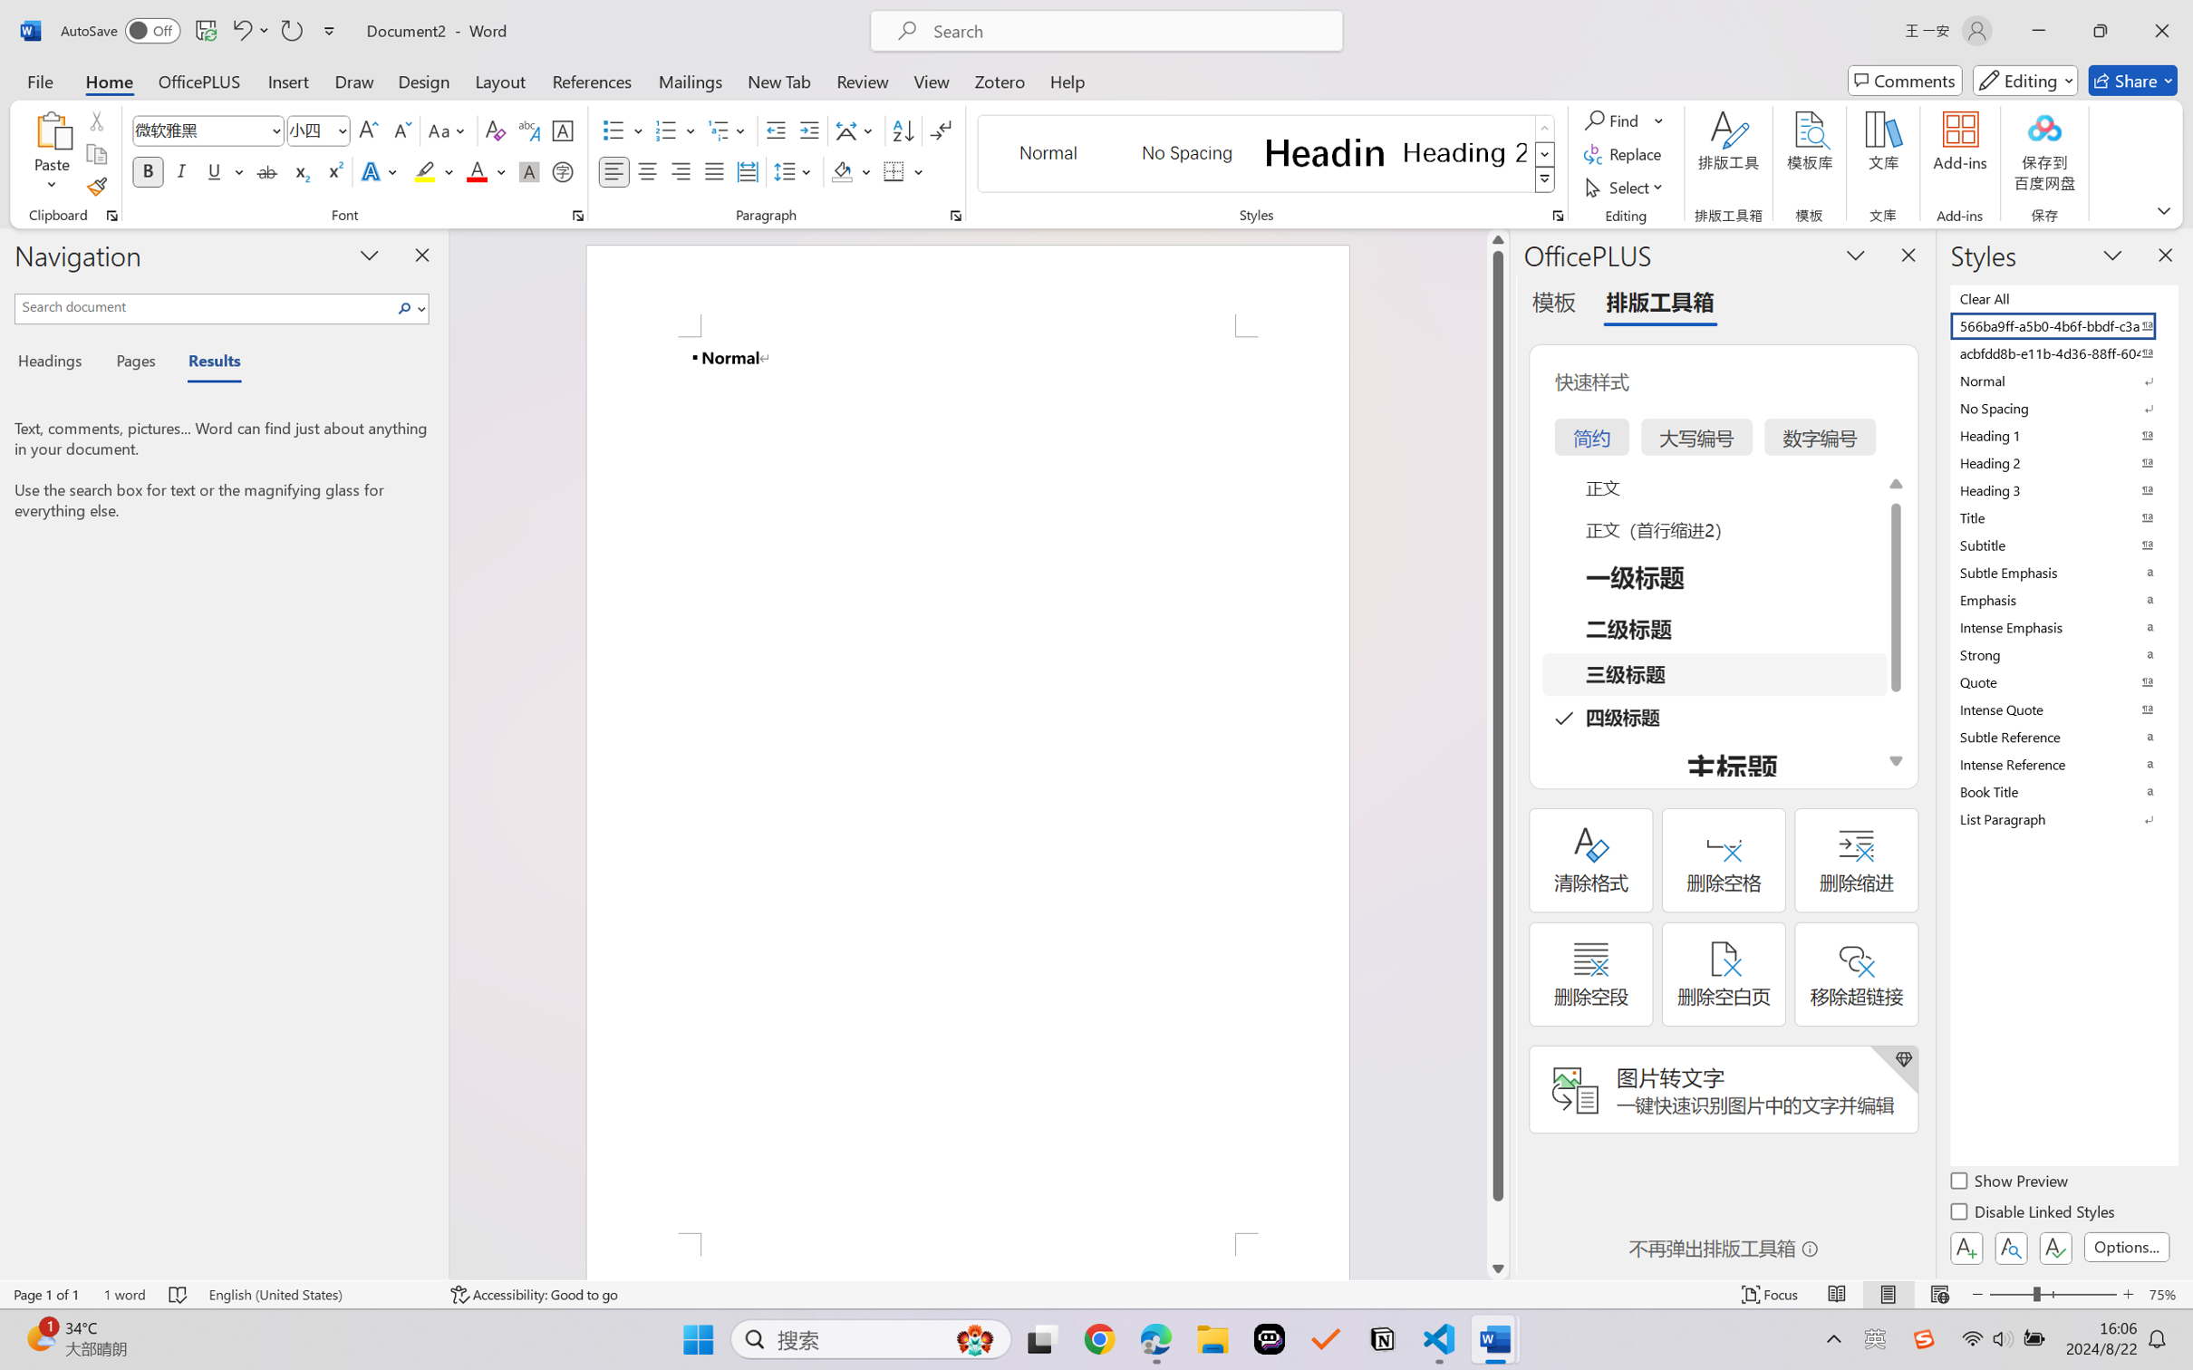 The image size is (2193, 1370). I want to click on 'Align Left', so click(613, 170).